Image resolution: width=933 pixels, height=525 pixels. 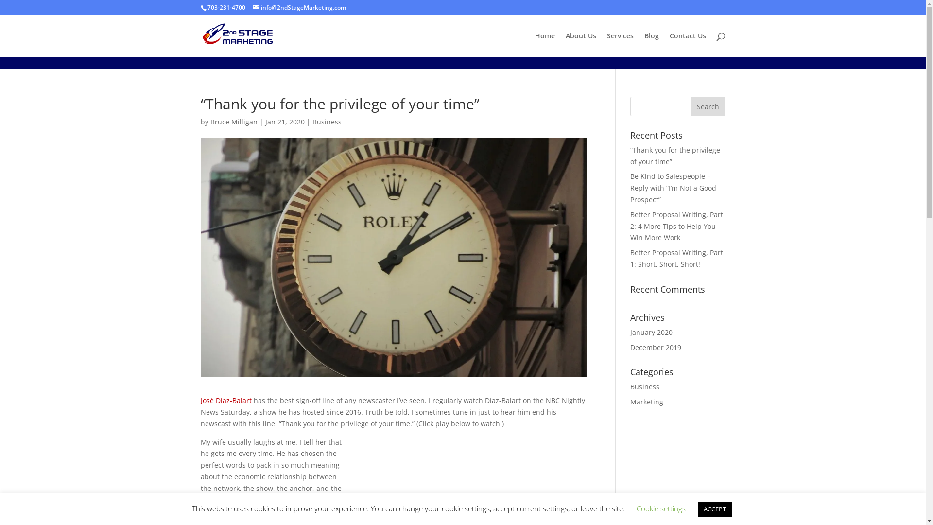 I want to click on 'December 2019', so click(x=656, y=347).